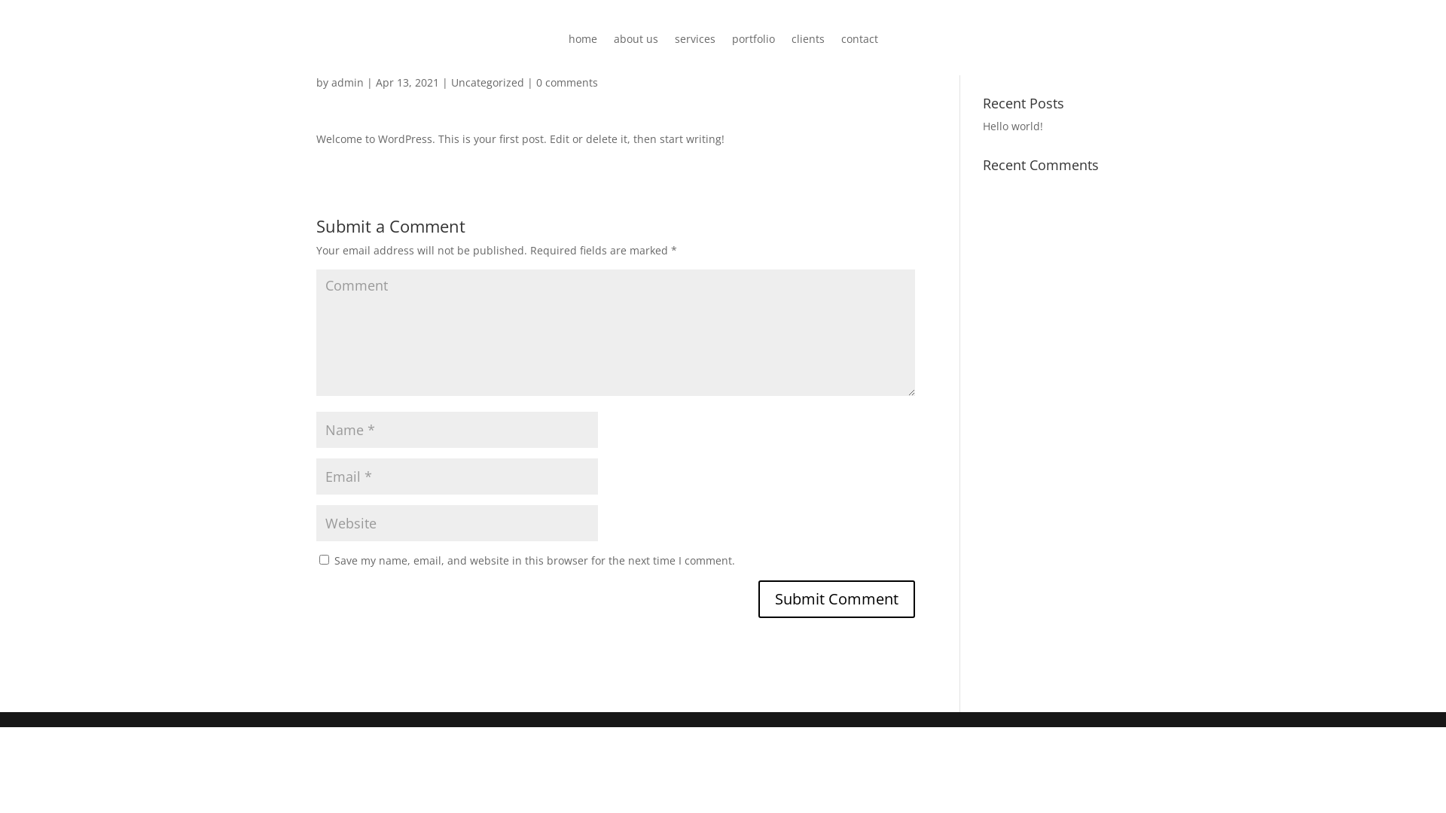 Image resolution: width=1446 pixels, height=813 pixels. Describe the element at coordinates (331, 82) in the screenshot. I see `'admin'` at that location.